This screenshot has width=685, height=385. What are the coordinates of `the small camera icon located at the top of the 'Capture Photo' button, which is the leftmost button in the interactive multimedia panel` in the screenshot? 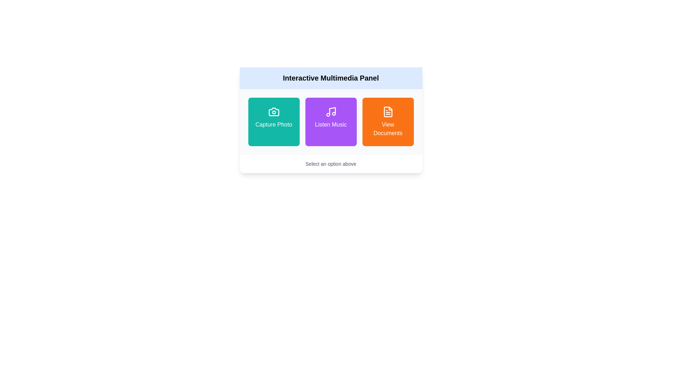 It's located at (273, 112).